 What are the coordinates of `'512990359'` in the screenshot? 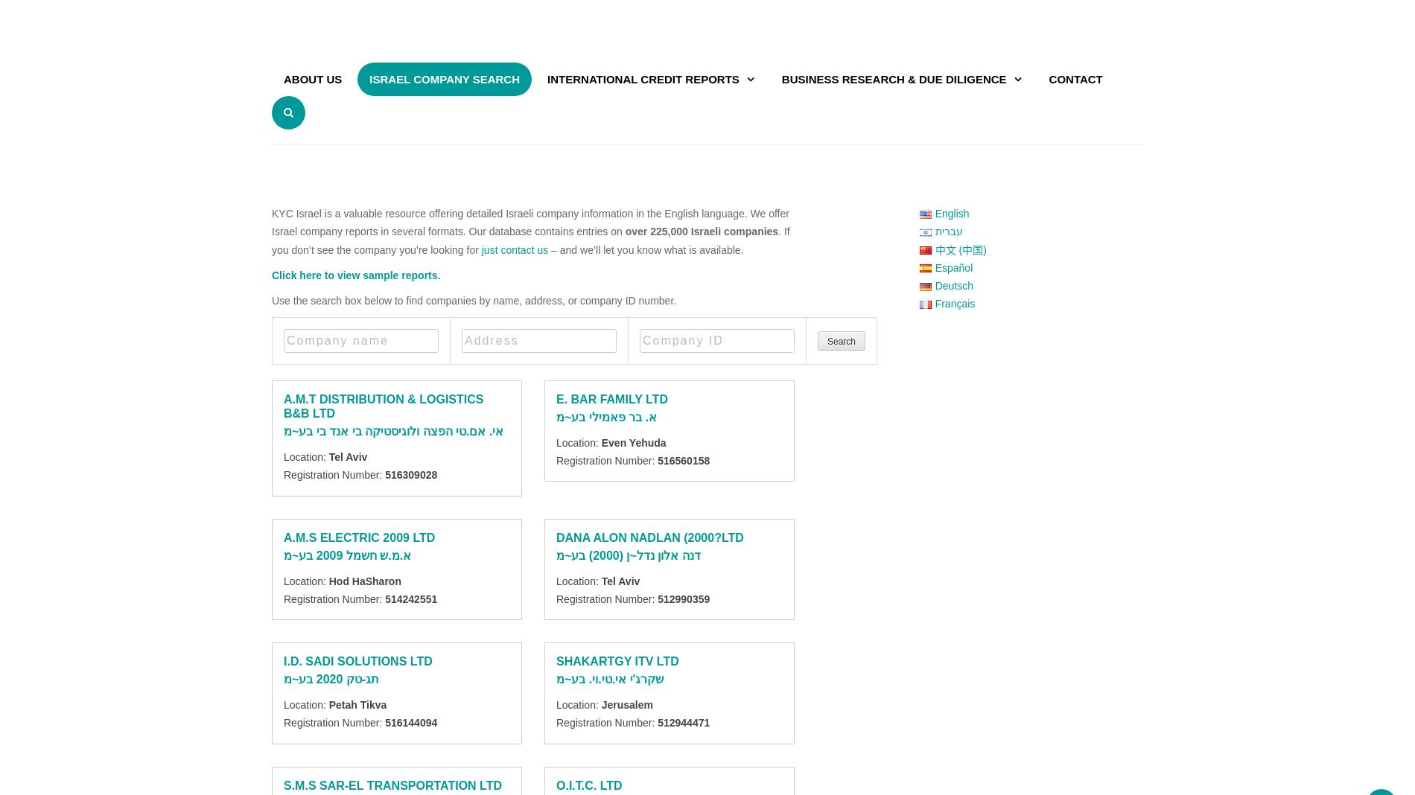 It's located at (683, 597).